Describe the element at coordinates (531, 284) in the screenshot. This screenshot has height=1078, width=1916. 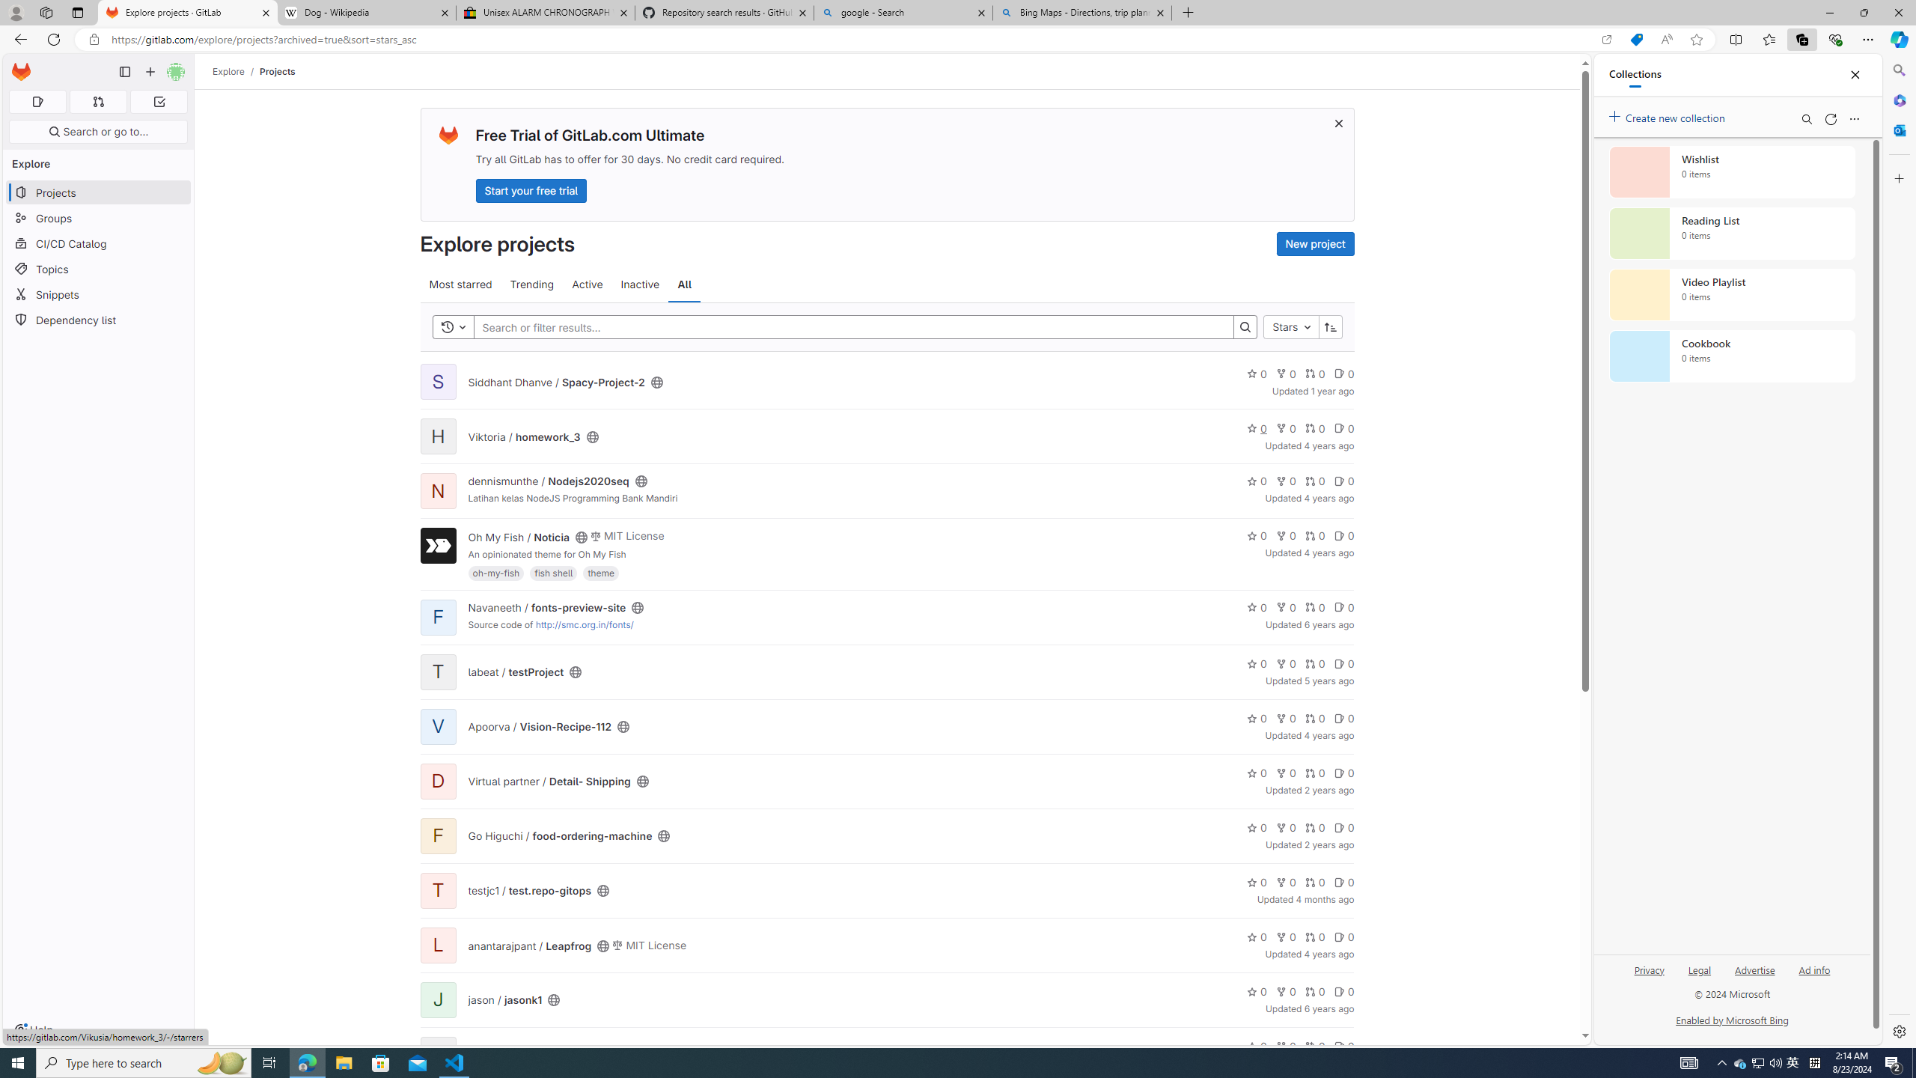
I see `'Trending'` at that location.